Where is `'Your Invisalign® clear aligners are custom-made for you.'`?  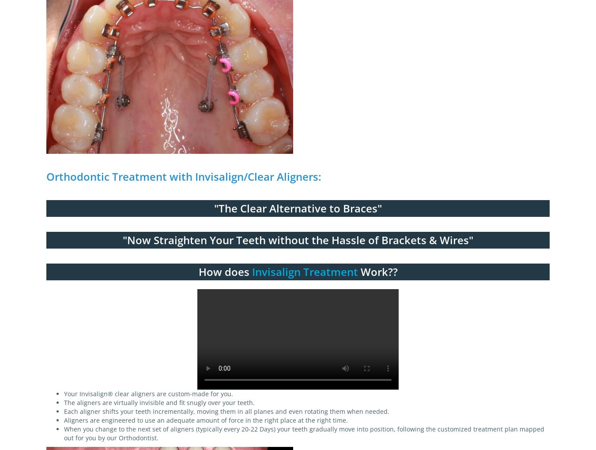
'Your Invisalign® clear aligners are custom-made for you.' is located at coordinates (148, 393).